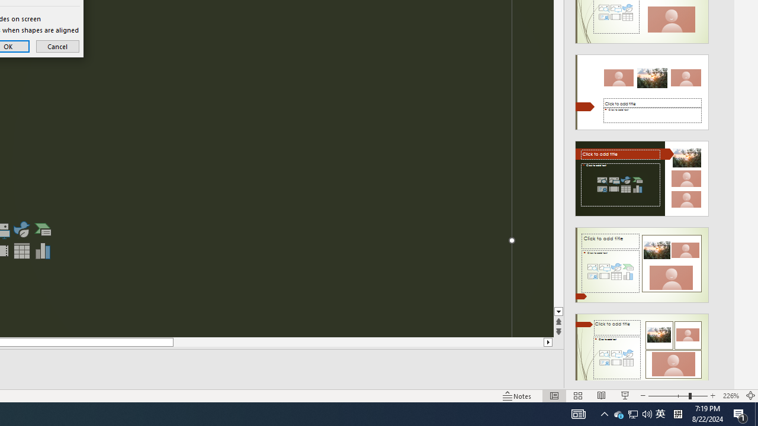  What do you see at coordinates (21, 230) in the screenshot?
I see `'Insert an Icon'` at bounding box center [21, 230].